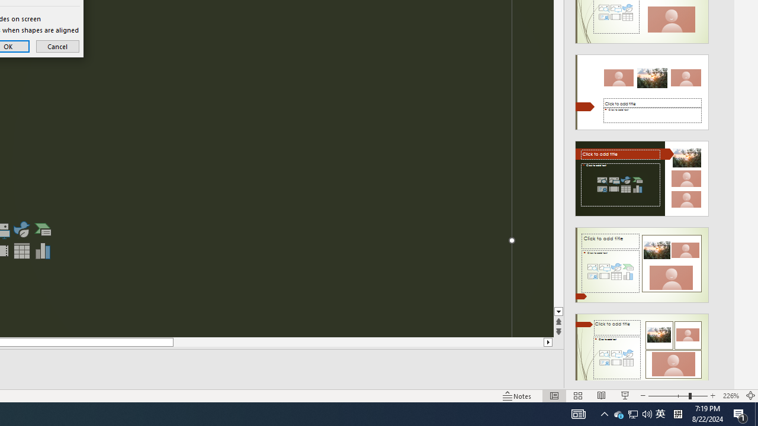  What do you see at coordinates (21, 230) in the screenshot?
I see `'Insert an Icon'` at bounding box center [21, 230].